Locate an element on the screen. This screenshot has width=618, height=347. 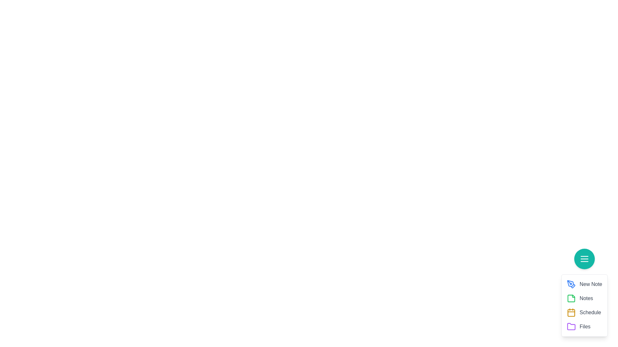
the Files from the speed dial menu is located at coordinates (571, 327).